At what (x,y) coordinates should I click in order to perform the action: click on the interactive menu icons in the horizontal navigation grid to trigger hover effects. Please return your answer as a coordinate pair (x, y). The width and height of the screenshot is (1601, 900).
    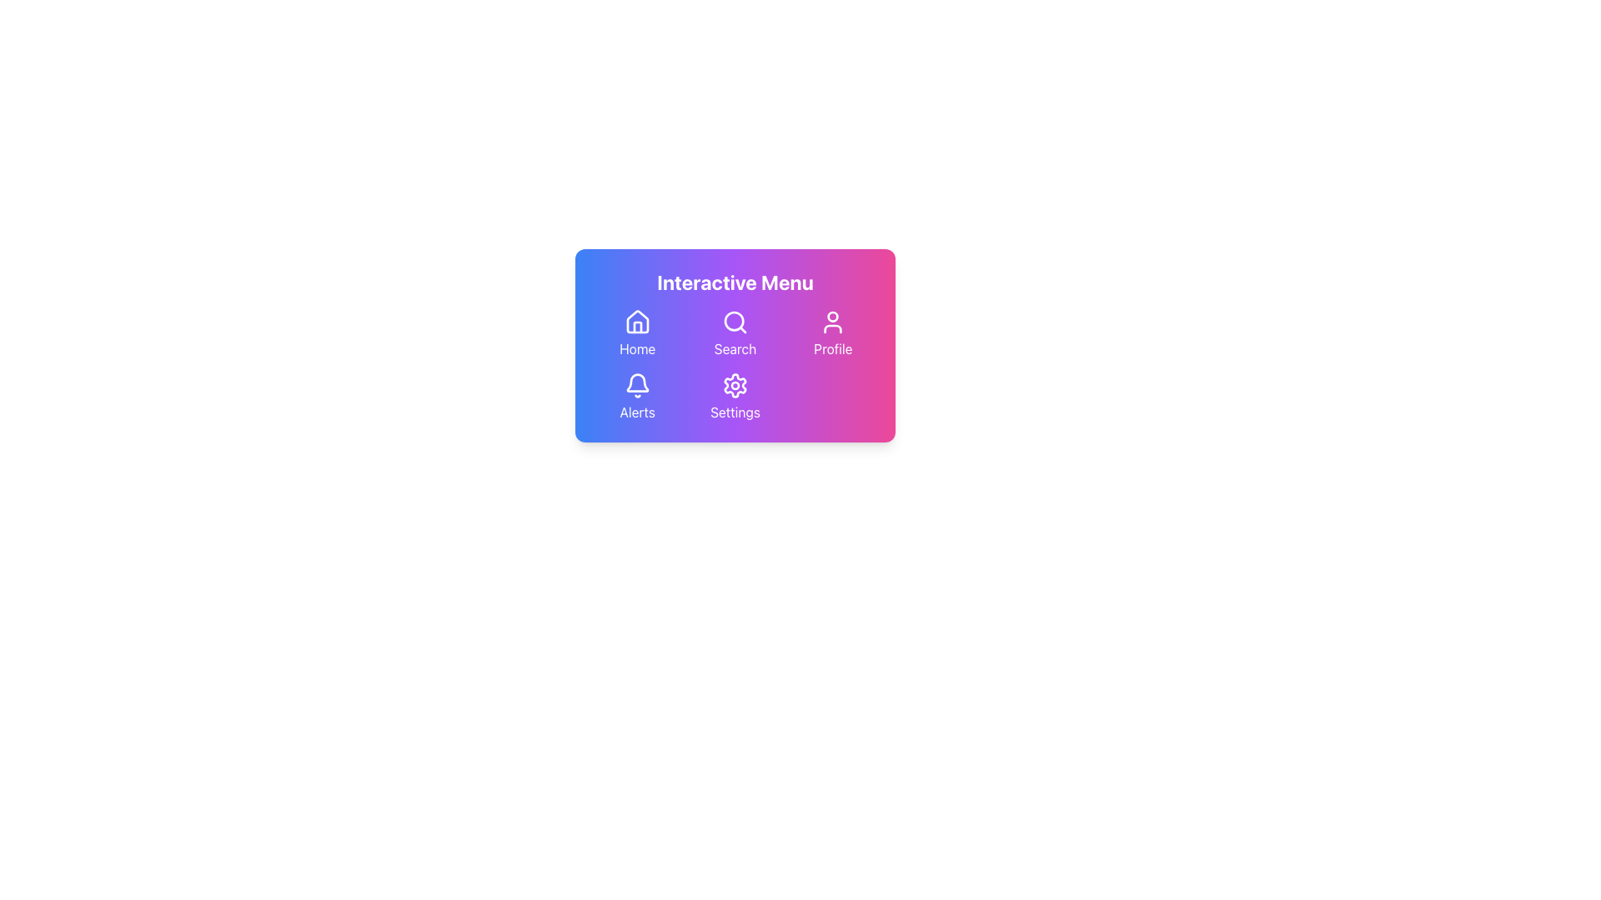
    Looking at the image, I should click on (735, 365).